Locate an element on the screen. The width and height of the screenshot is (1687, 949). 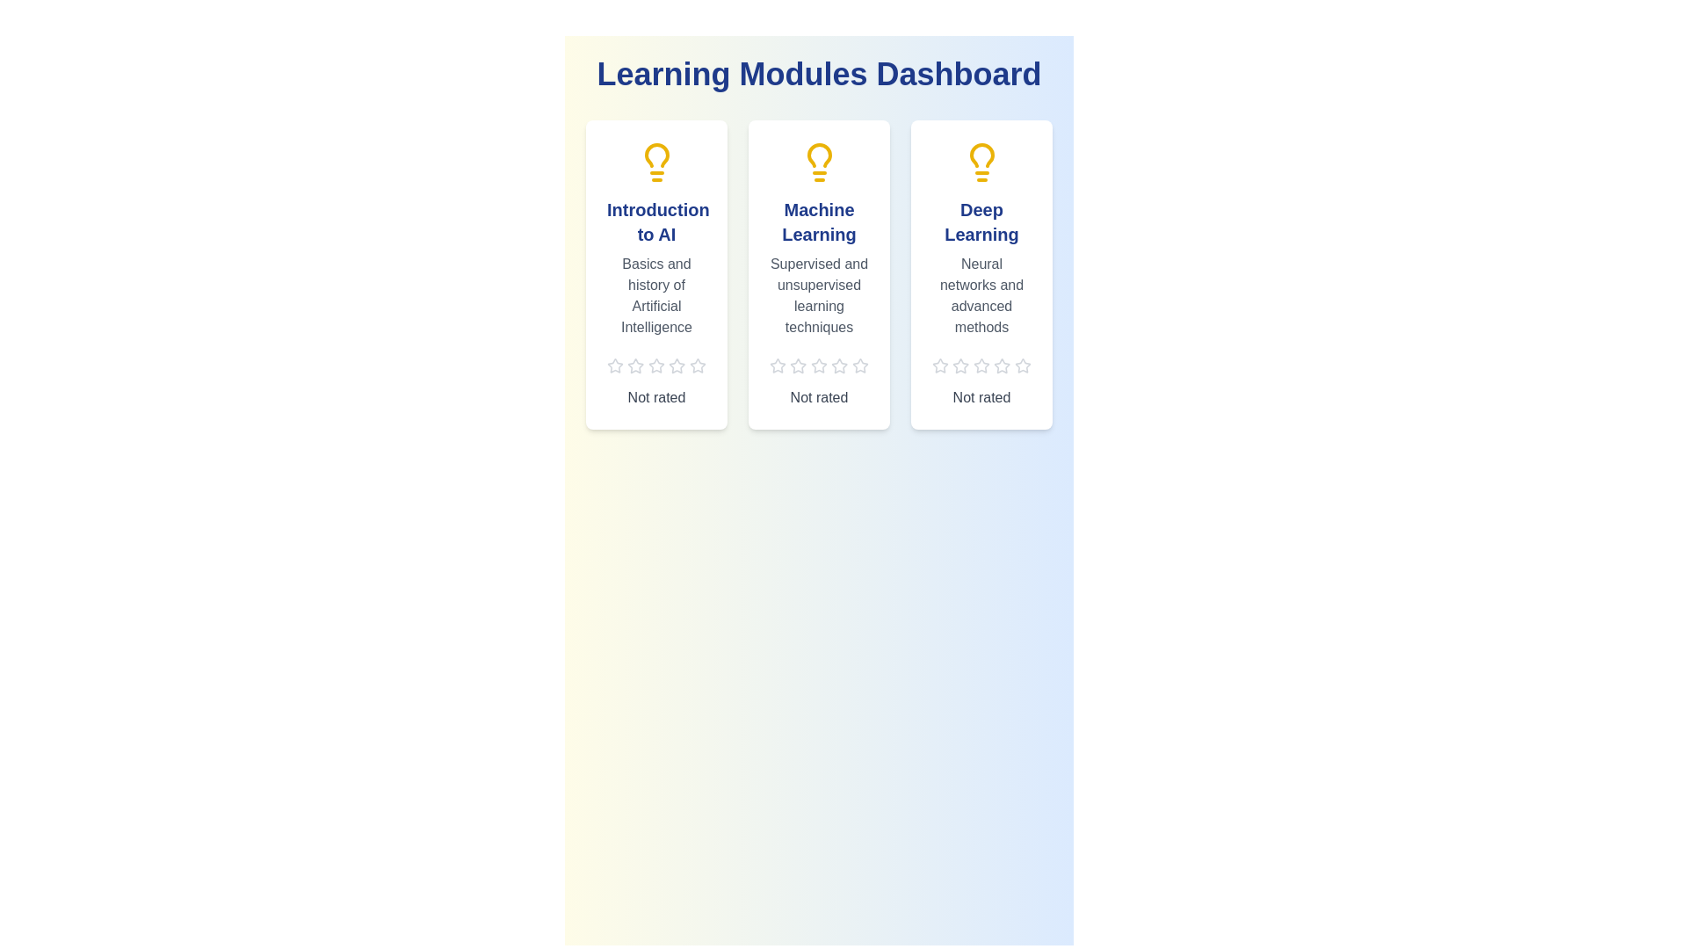
the star corresponding to 3 stars to preview the rating is located at coordinates (655, 365).